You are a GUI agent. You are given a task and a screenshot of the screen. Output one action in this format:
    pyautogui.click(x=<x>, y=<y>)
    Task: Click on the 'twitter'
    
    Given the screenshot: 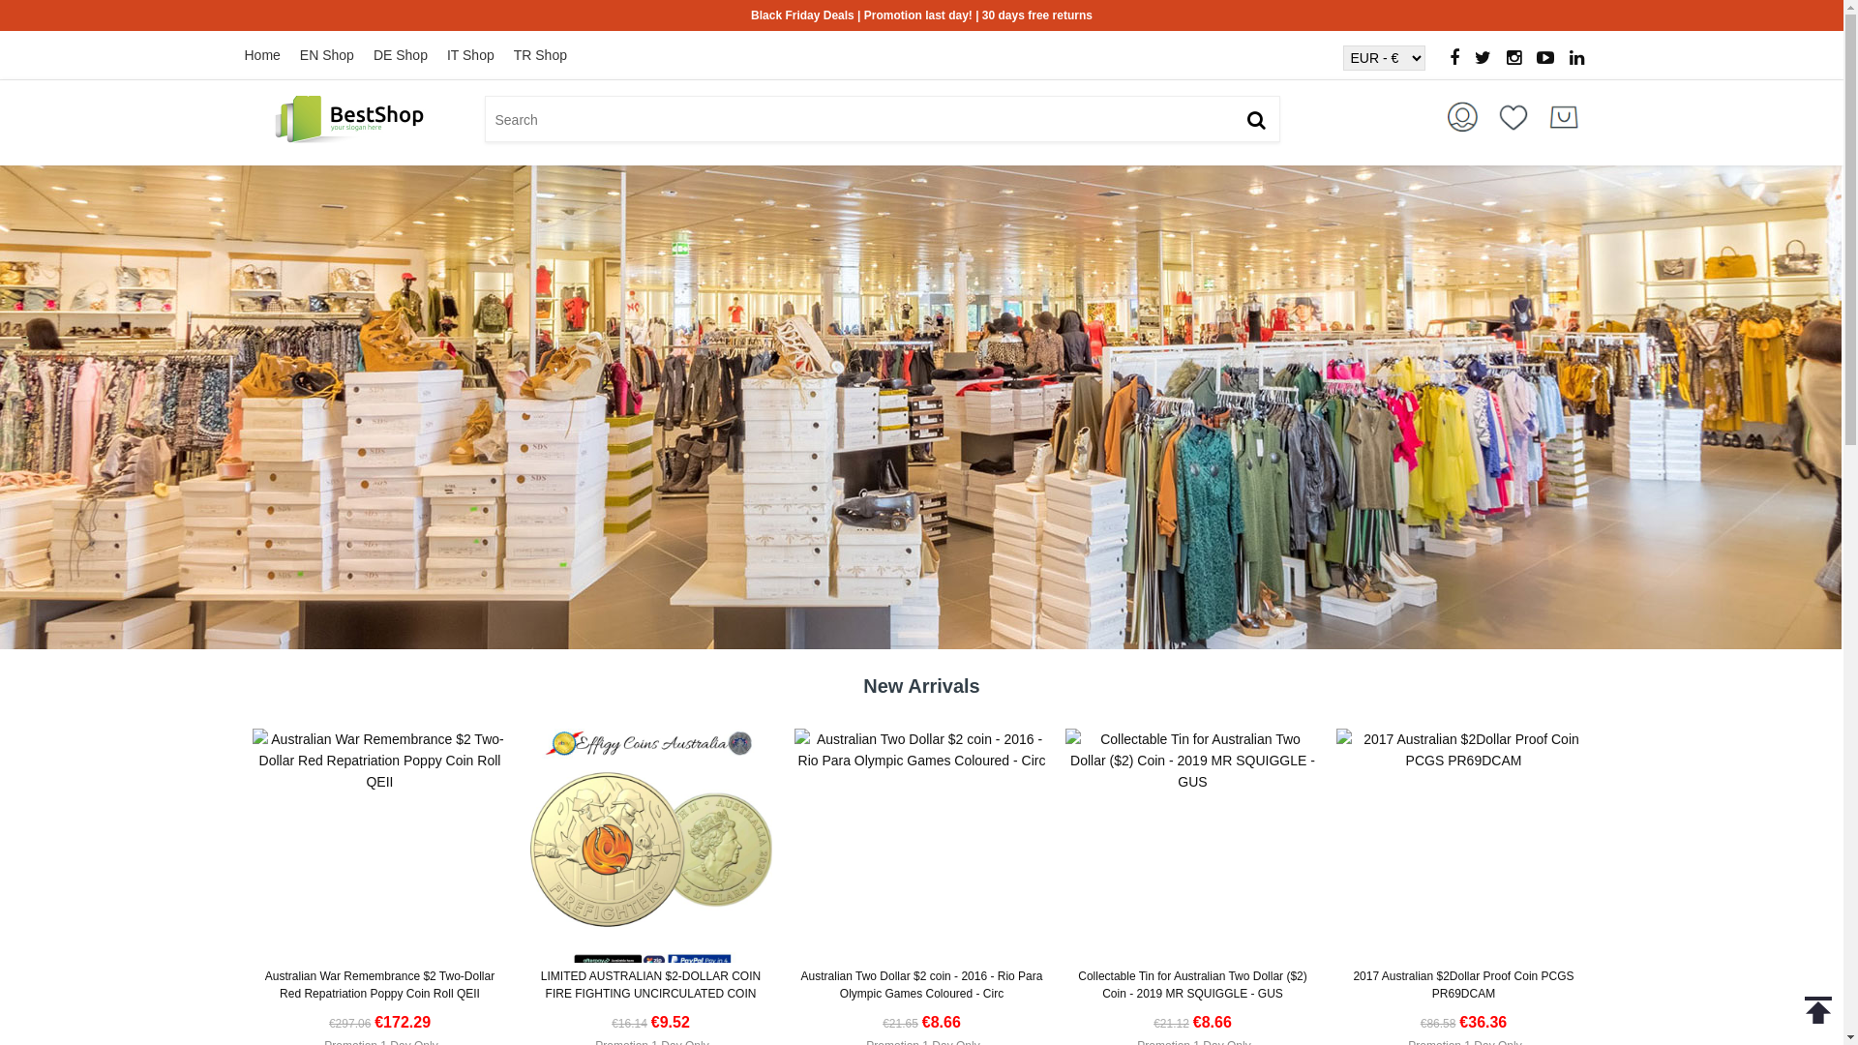 What is the action you would take?
    pyautogui.click(x=1482, y=58)
    